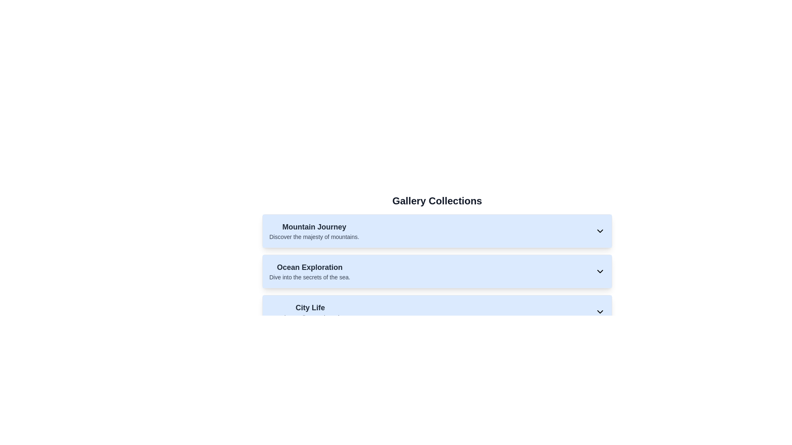  What do you see at coordinates (437, 265) in the screenshot?
I see `to select the 'Ocean Exploration' navigation item in the Gallery Collections list, located directly below 'Mountain Journey' and above 'City Life'` at bounding box center [437, 265].